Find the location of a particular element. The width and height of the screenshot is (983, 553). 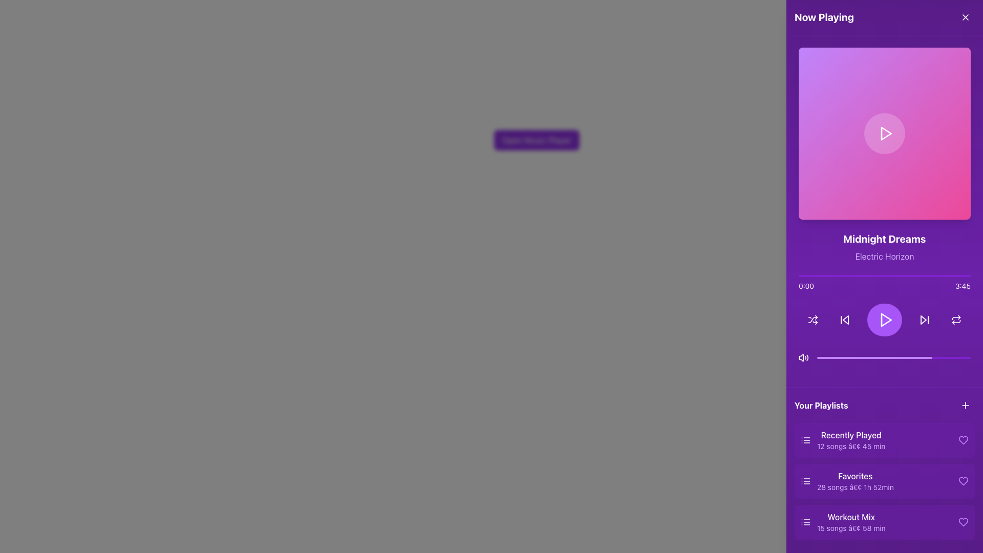

the heart-shaped purple icon used to signify a favorite action, located to the right of the 'Workout Mix' playlist item in the 'Your Playlists' section is located at coordinates (963, 522).